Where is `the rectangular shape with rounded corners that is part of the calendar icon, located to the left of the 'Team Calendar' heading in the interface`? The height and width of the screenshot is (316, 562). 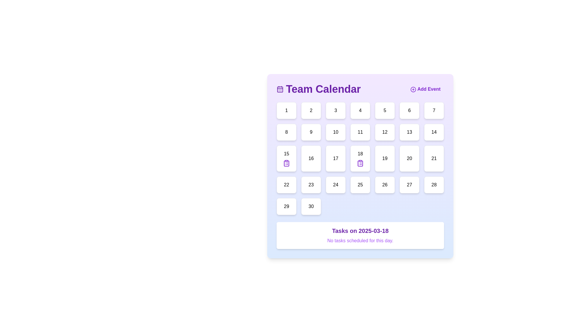 the rectangular shape with rounded corners that is part of the calendar icon, located to the left of the 'Team Calendar' heading in the interface is located at coordinates (280, 89).